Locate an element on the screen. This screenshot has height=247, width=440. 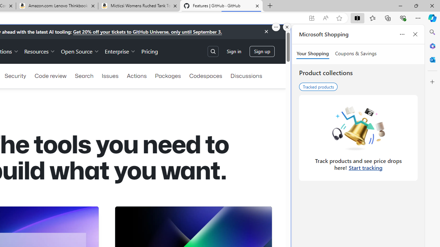
'Discussions' is located at coordinates (246, 76).